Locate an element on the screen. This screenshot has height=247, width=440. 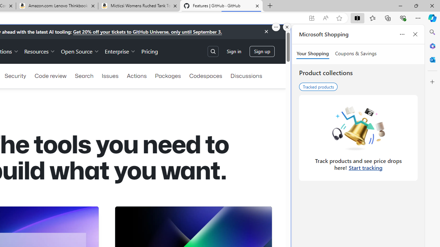
'Discussions' is located at coordinates (246, 76).